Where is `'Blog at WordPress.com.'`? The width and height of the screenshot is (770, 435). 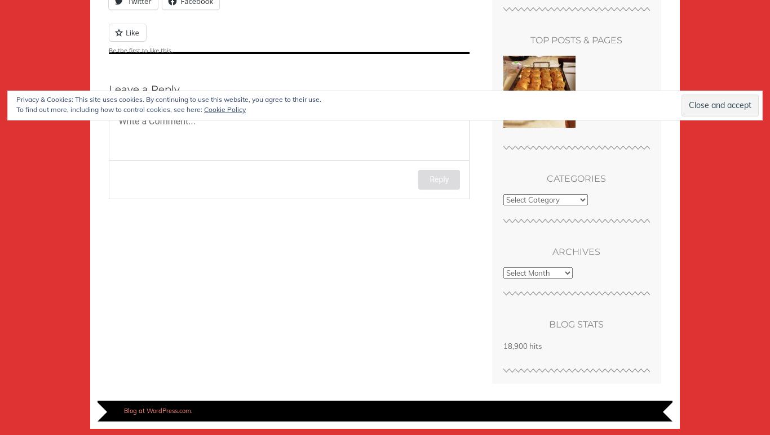 'Blog at WordPress.com.' is located at coordinates (158, 411).